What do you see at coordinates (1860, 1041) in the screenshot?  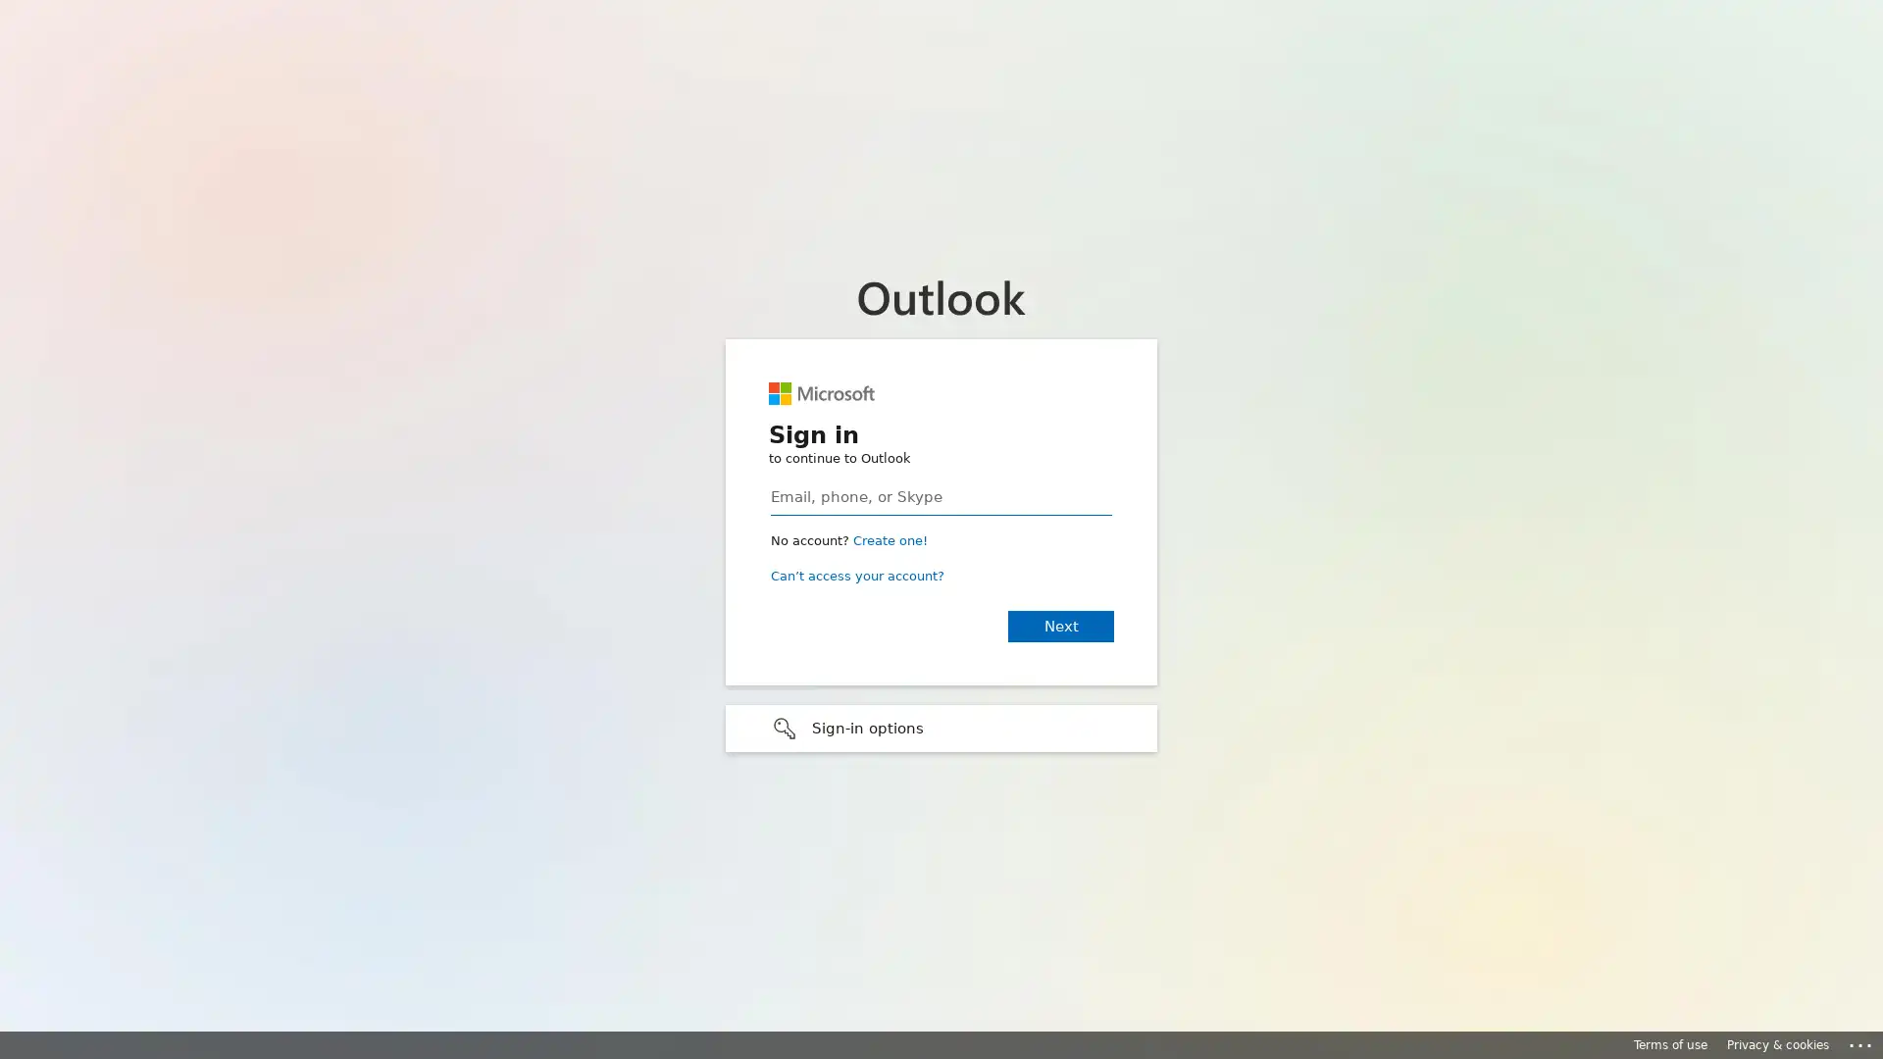 I see `Click here for troubleshooting information` at bounding box center [1860, 1041].